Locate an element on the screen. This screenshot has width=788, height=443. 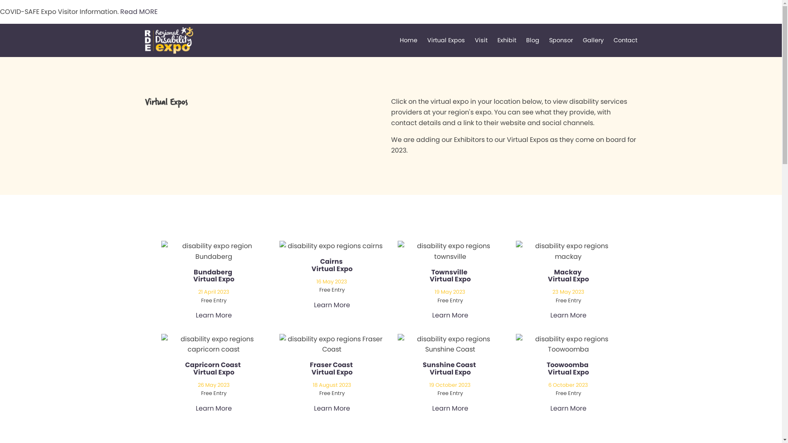
'Read MORE' is located at coordinates (139, 11).